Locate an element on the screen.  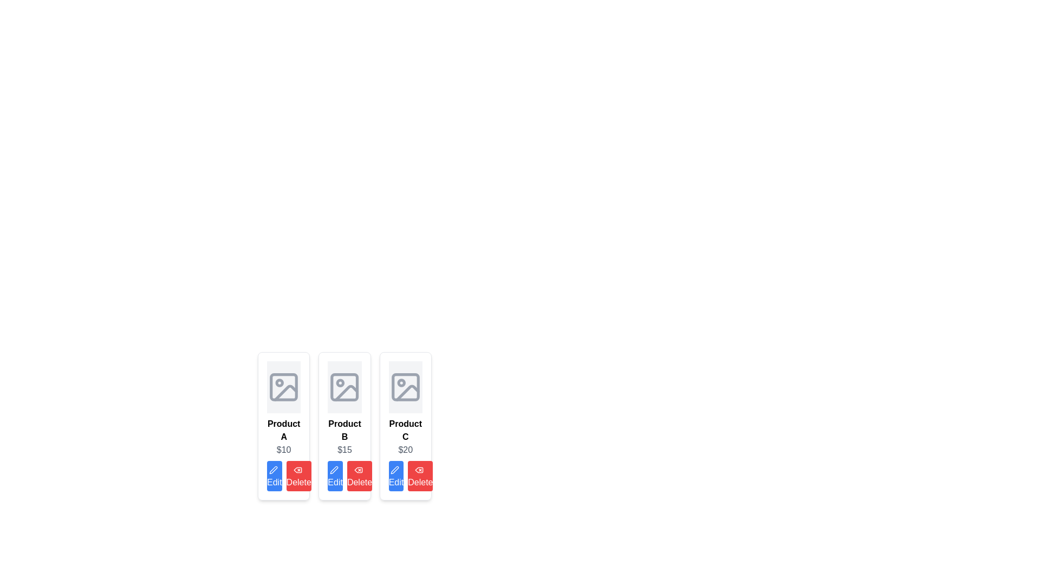
the delete button located at the bottom right of the product card is located at coordinates (298, 476).